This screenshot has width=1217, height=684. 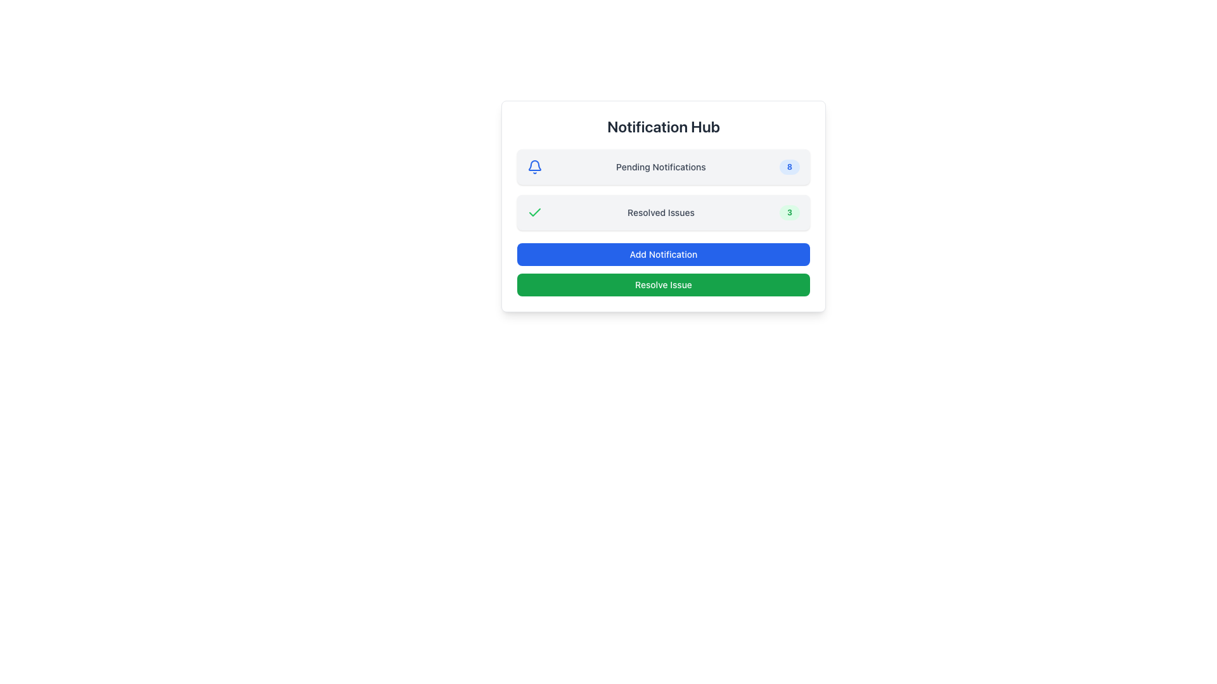 I want to click on the SVG icon element representing pending notifications, which is located to the left of the text describing the notification type and quantity in the 'Pending Notifications' section, so click(x=535, y=166).